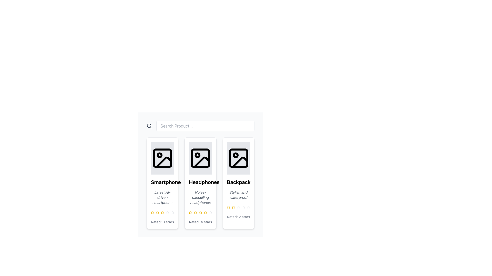  What do you see at coordinates (238, 158) in the screenshot?
I see `the image placeholder at the top of the product card labeled 'Backpack', which serves as a visual representation for the product, if interactivity is added in the future` at bounding box center [238, 158].